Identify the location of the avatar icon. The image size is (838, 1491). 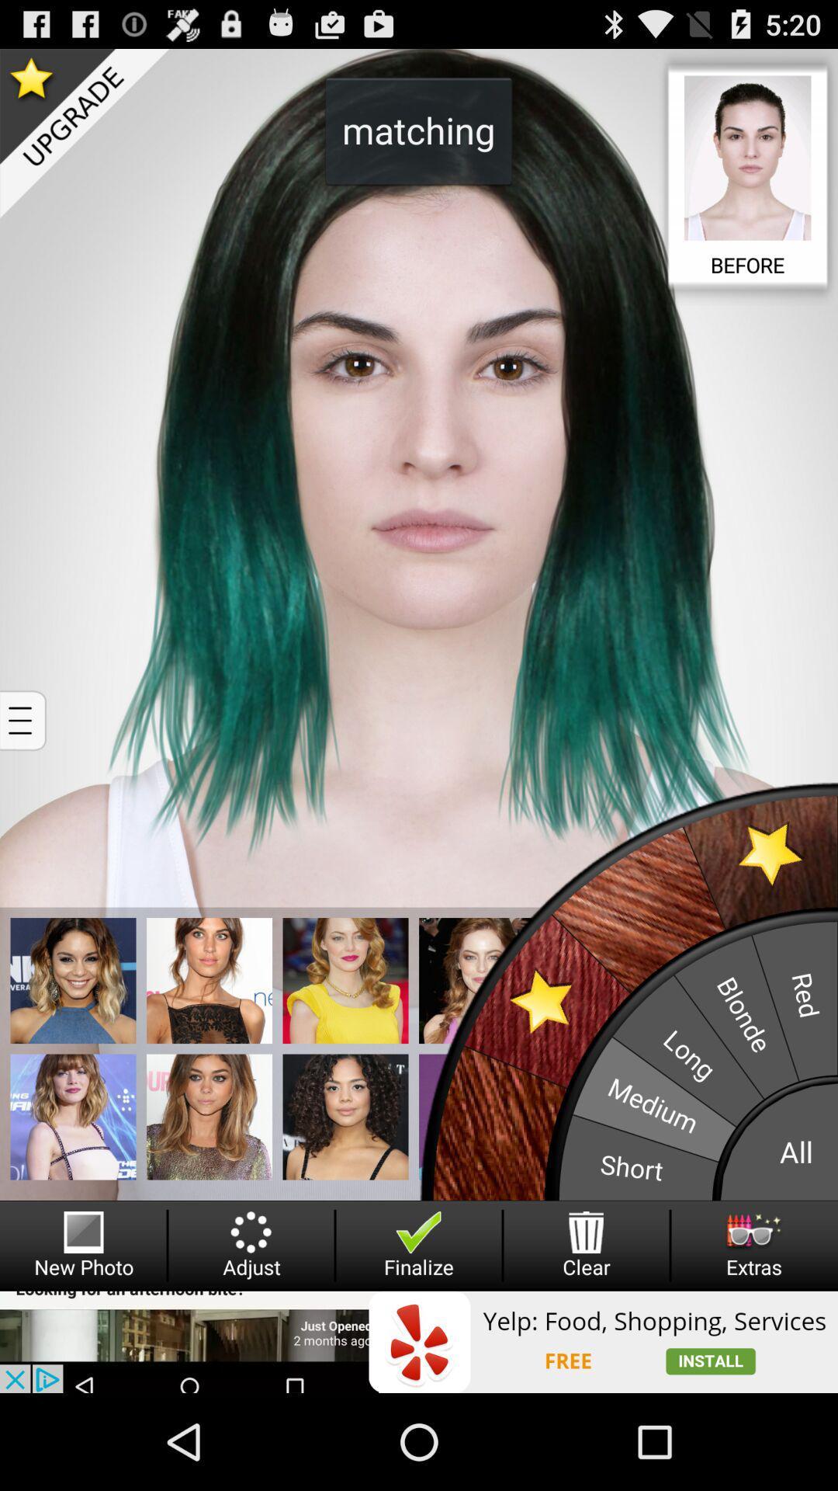
(345, 1194).